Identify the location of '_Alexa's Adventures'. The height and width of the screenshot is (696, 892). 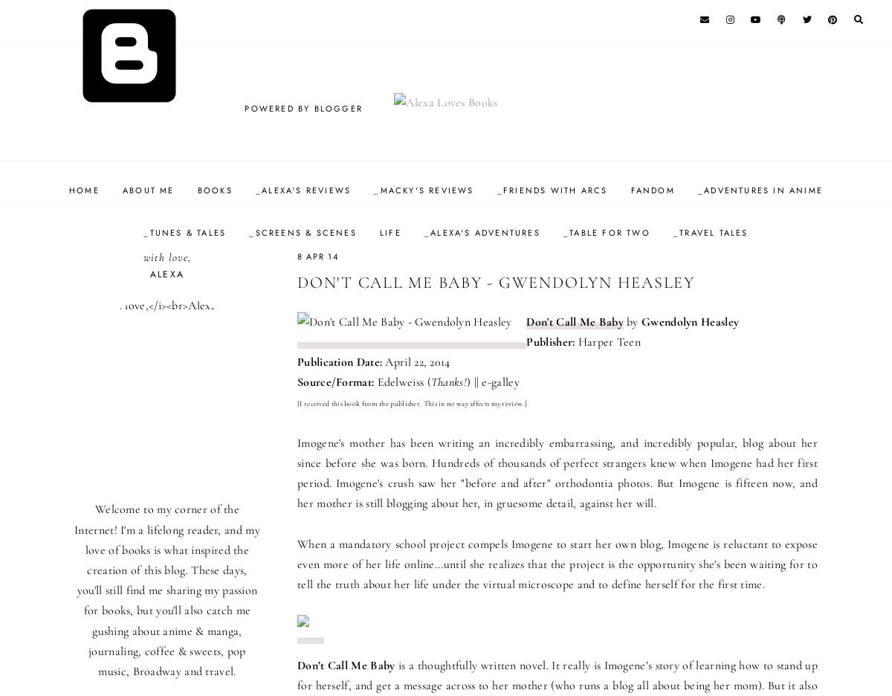
(482, 232).